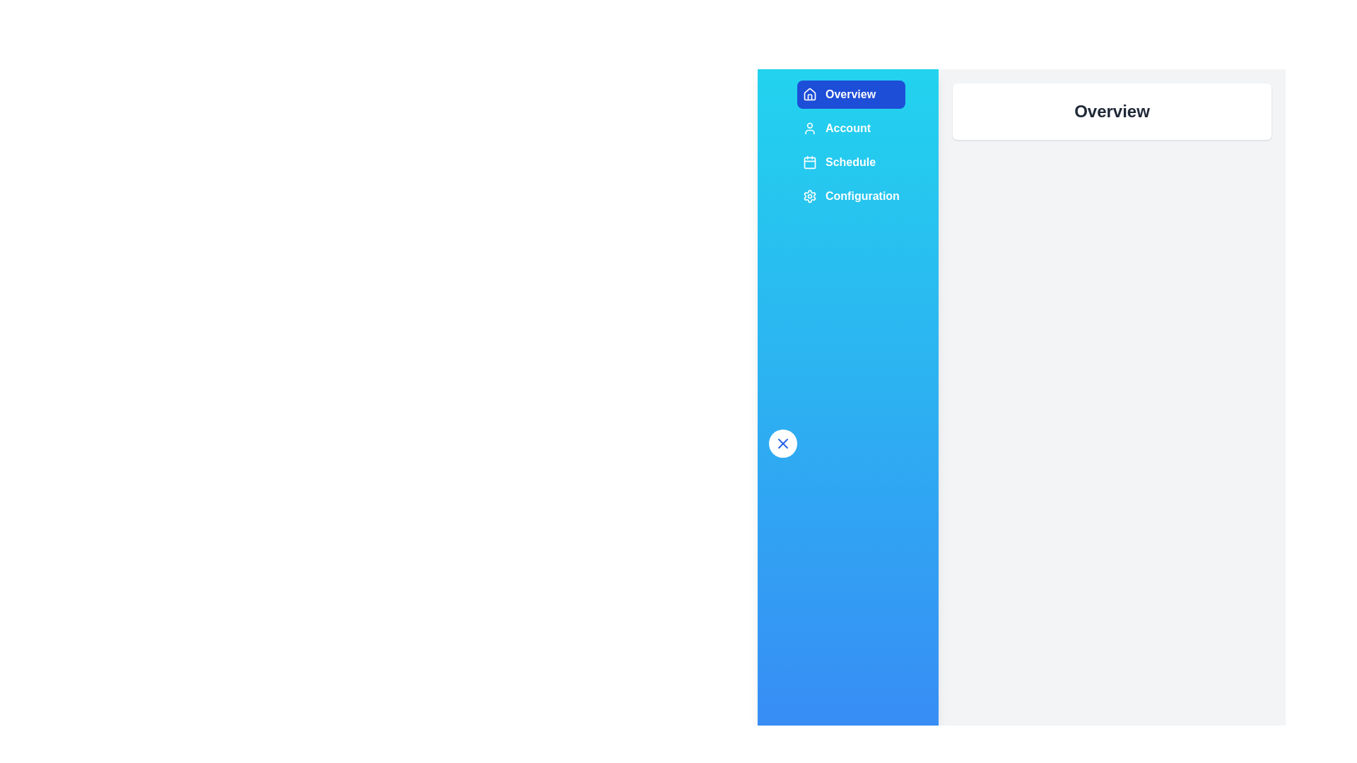 This screenshot has height=763, width=1357. I want to click on the sidebar section labeled Account, so click(850, 128).